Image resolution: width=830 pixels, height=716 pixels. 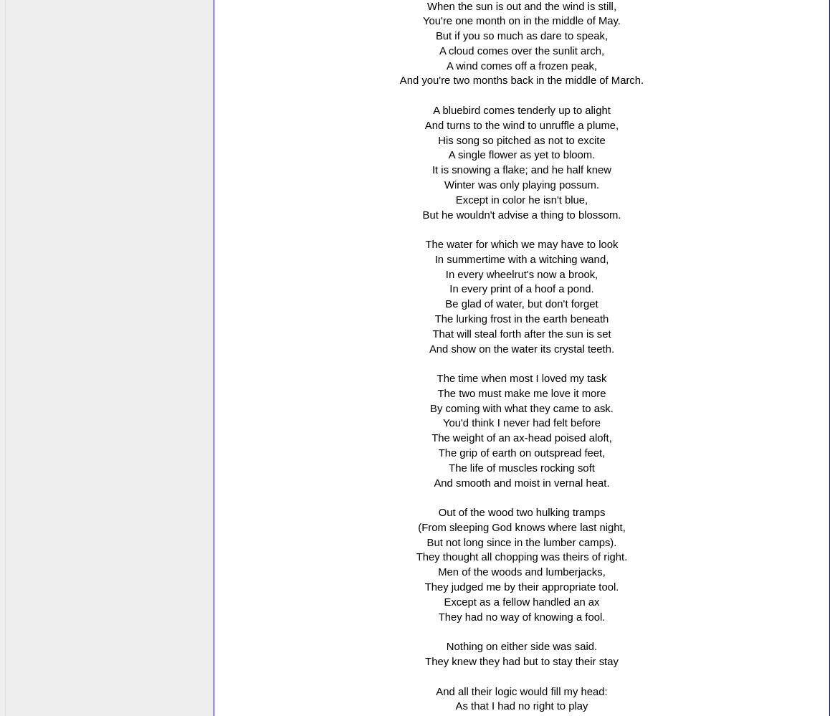 What do you see at coordinates (444, 274) in the screenshot?
I see `'In every wheelrut's now a brook,'` at bounding box center [444, 274].